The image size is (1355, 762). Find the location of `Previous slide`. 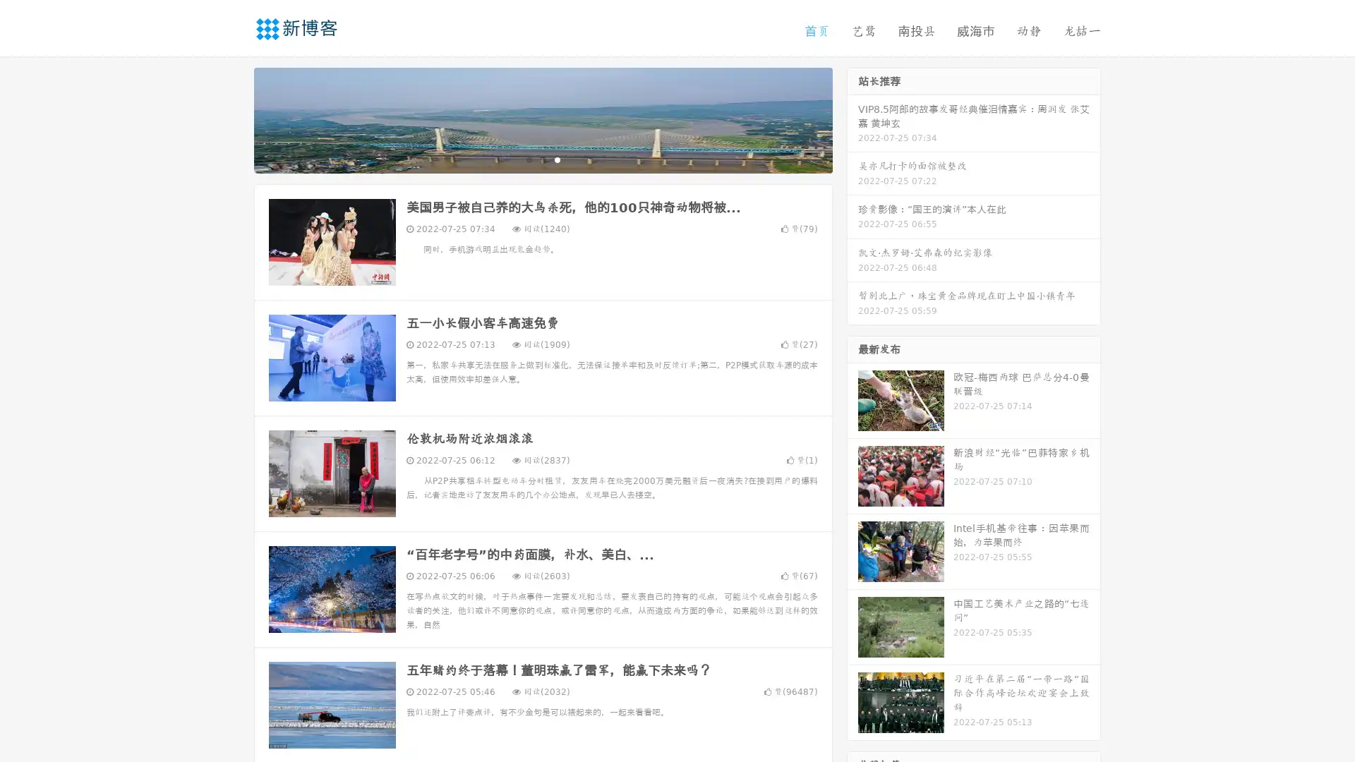

Previous slide is located at coordinates (233, 119).